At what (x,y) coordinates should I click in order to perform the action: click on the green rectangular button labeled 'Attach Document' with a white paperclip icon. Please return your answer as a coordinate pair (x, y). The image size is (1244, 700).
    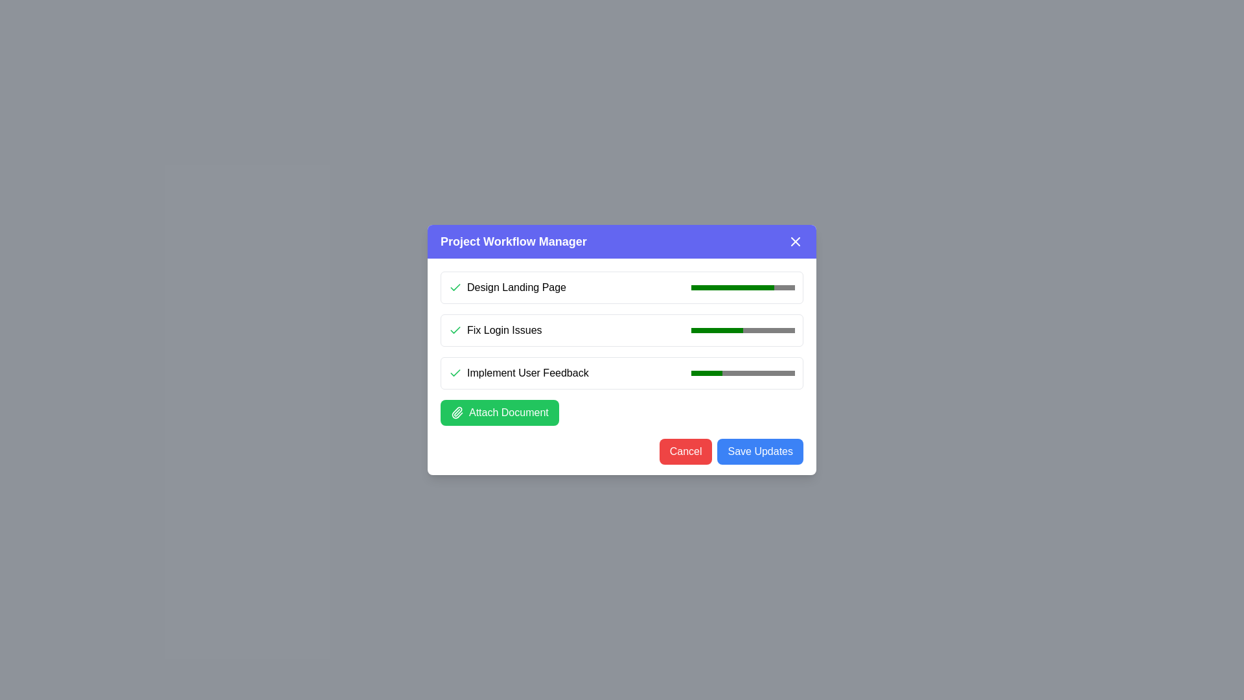
    Looking at the image, I should click on (499, 412).